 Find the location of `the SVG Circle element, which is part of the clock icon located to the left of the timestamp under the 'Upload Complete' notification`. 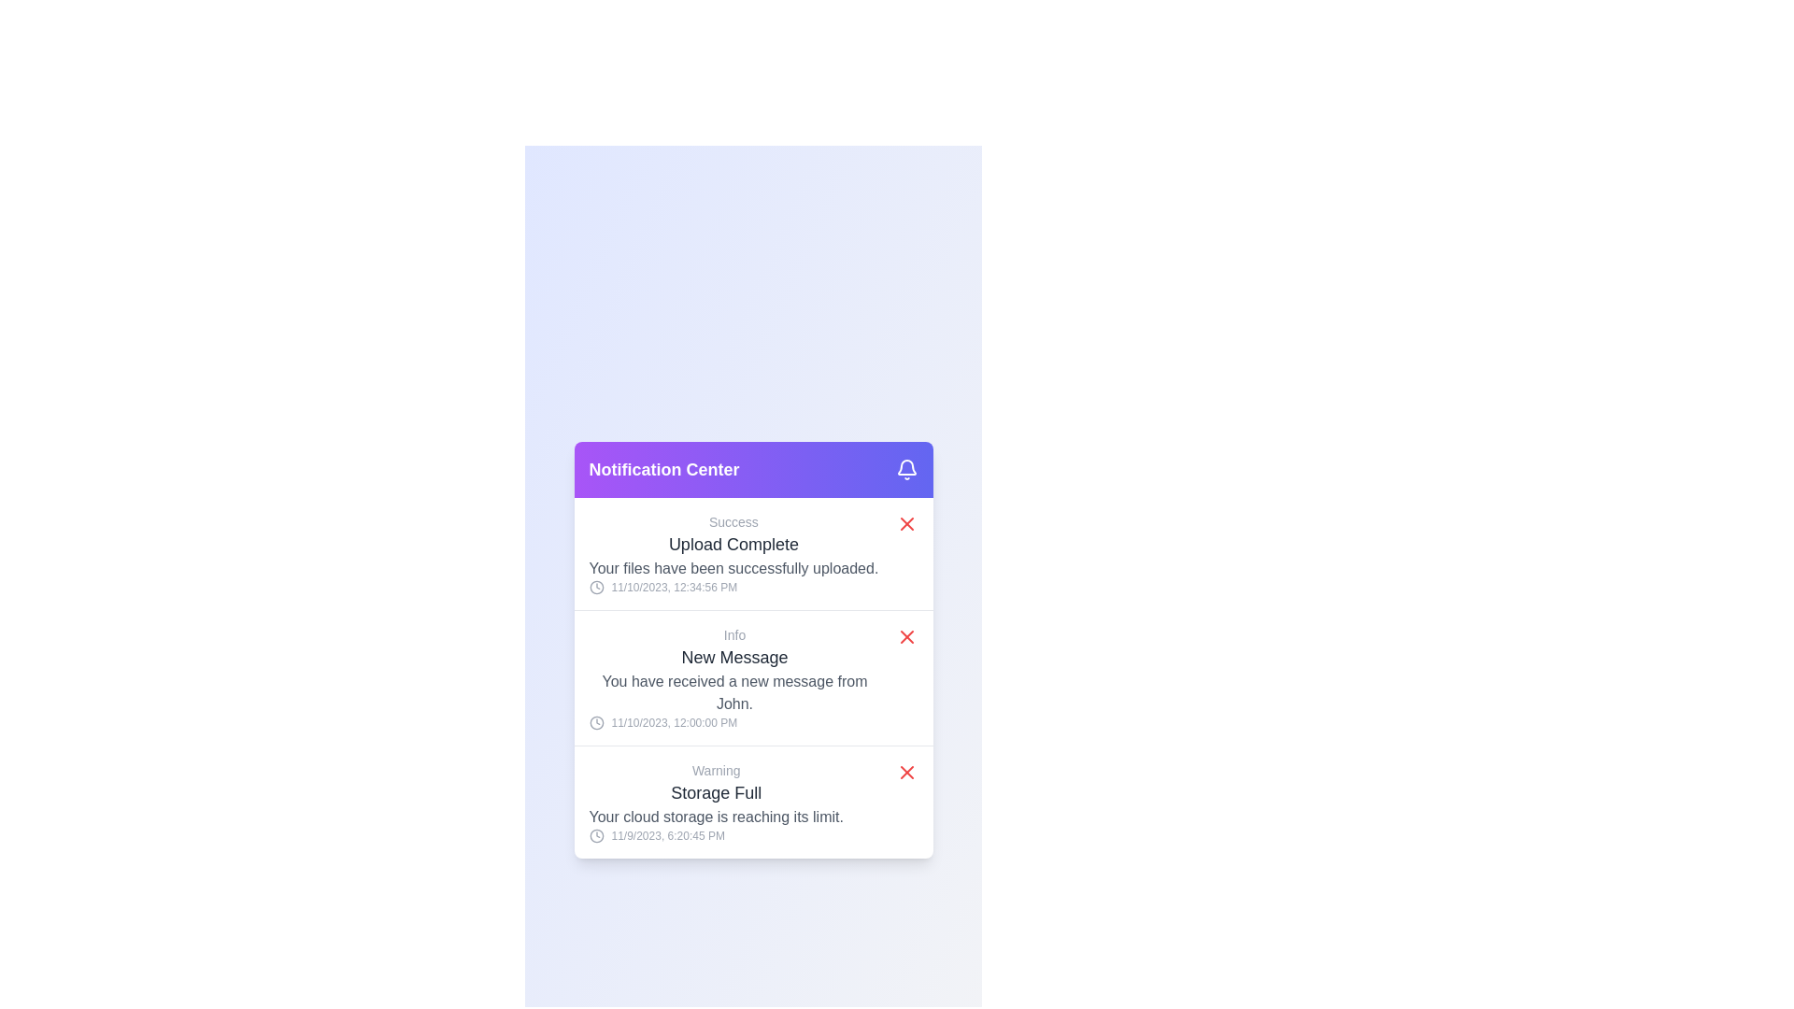

the SVG Circle element, which is part of the clock icon located to the left of the timestamp under the 'Upload Complete' notification is located at coordinates (595, 834).